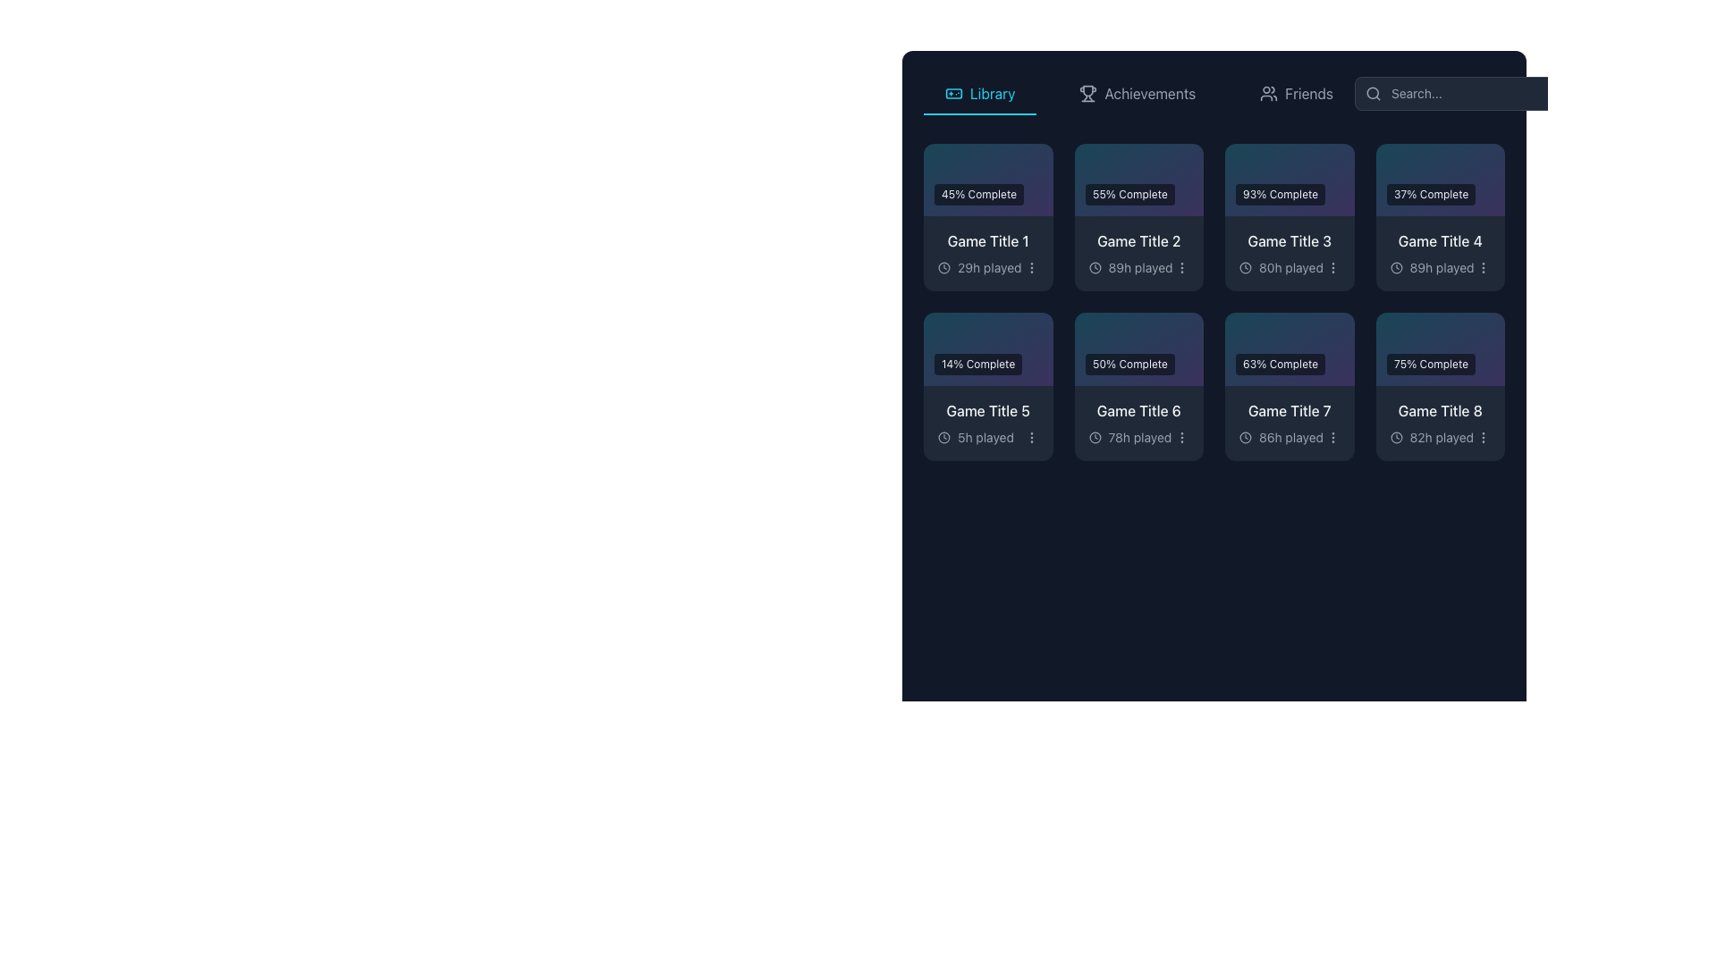 The width and height of the screenshot is (1717, 965). Describe the element at coordinates (1290, 348) in the screenshot. I see `progress percentage from the text label located in the fourth column and second row of the grid layout within the 'Library' section, positioned above 'Game Title 7' and '86h played'` at that location.